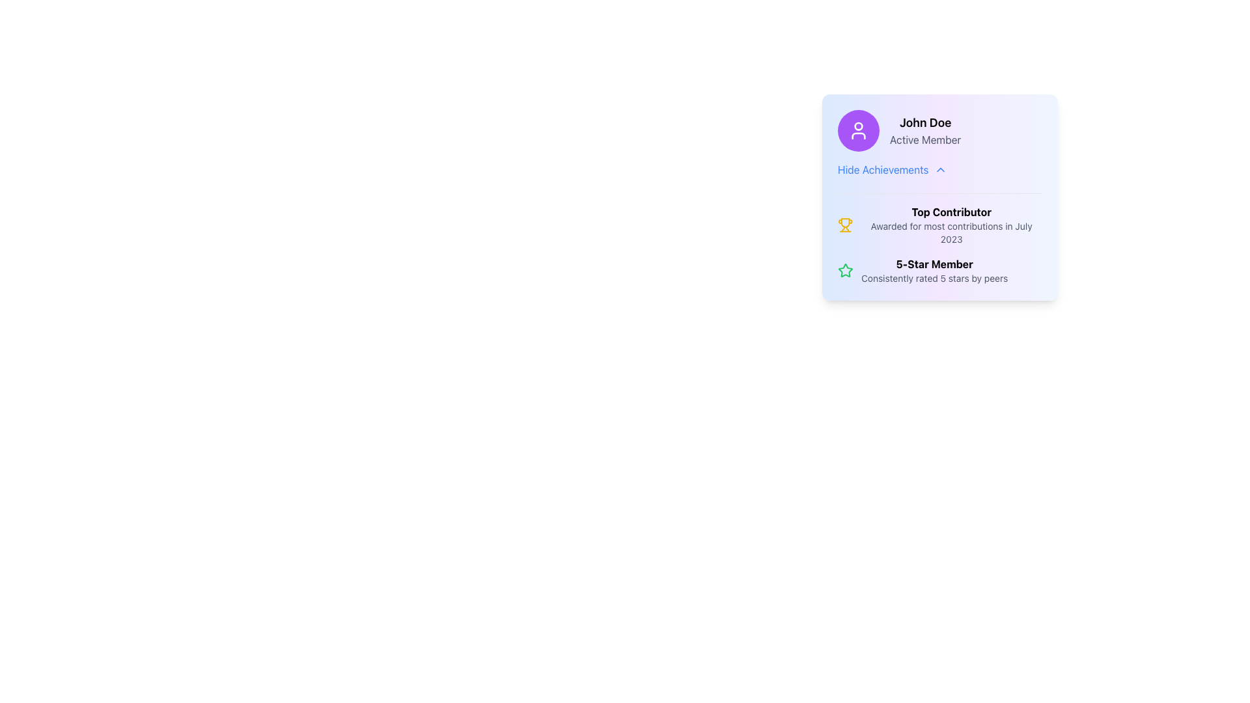 The height and width of the screenshot is (703, 1250). I want to click on the 'Top Contributor' text label, which is displayed in bold black font at the top center of the user achievements card, so click(951, 212).